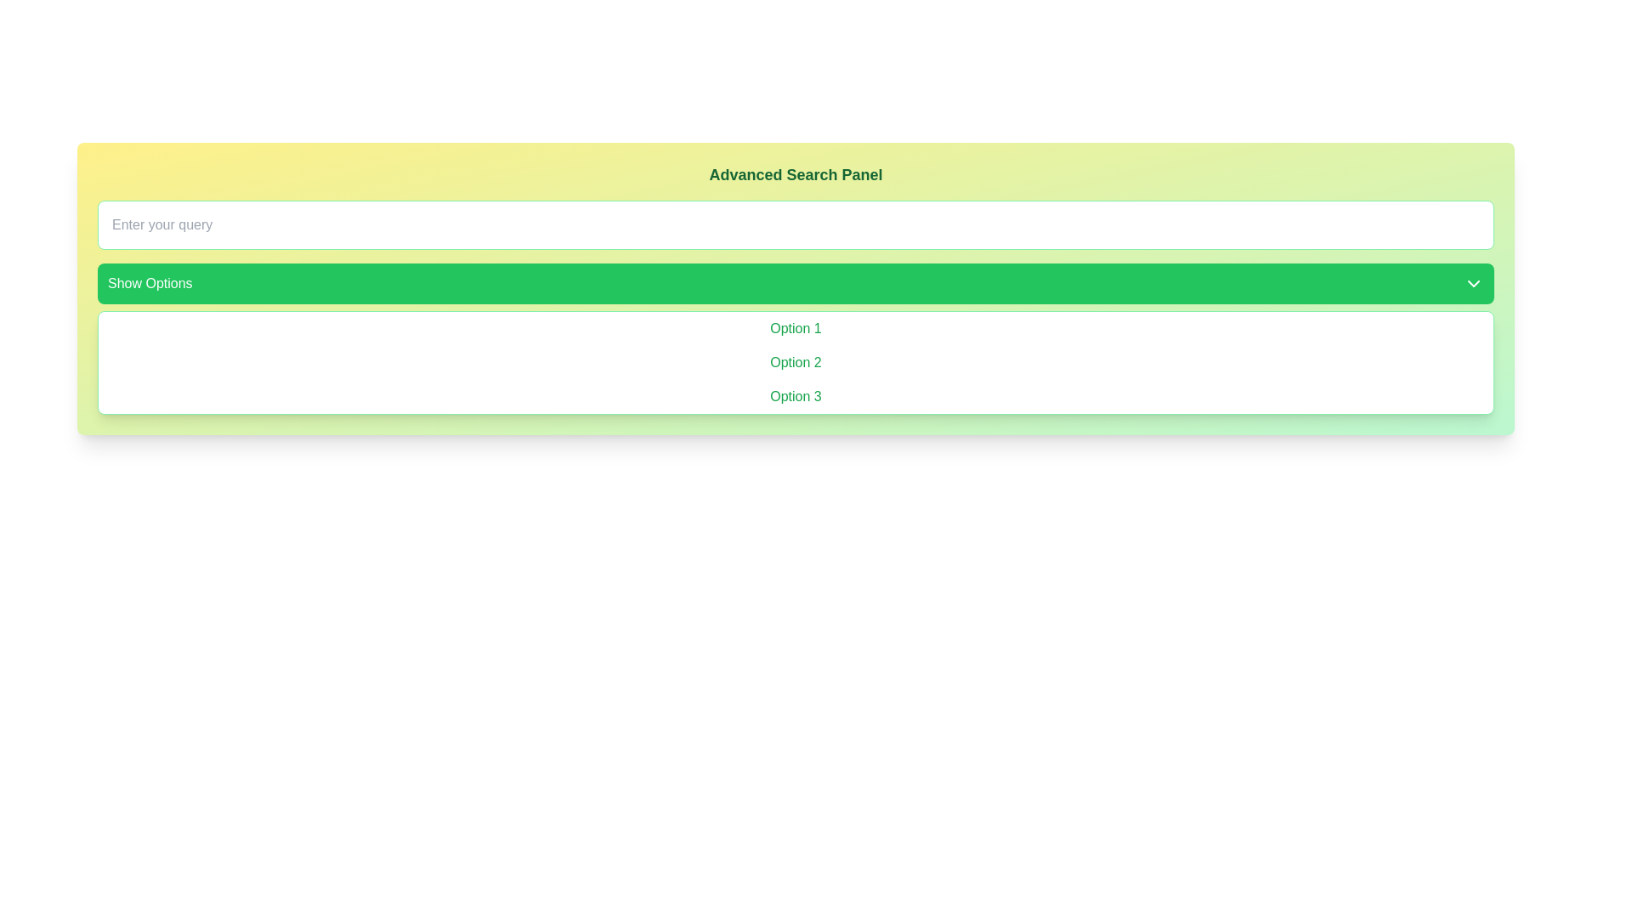 Image resolution: width=1632 pixels, height=918 pixels. What do you see at coordinates (795, 396) in the screenshot?
I see `the text label 'Option 3', which is the last item in a vertically stacked list of options, styled in green with a light green hover effect` at bounding box center [795, 396].